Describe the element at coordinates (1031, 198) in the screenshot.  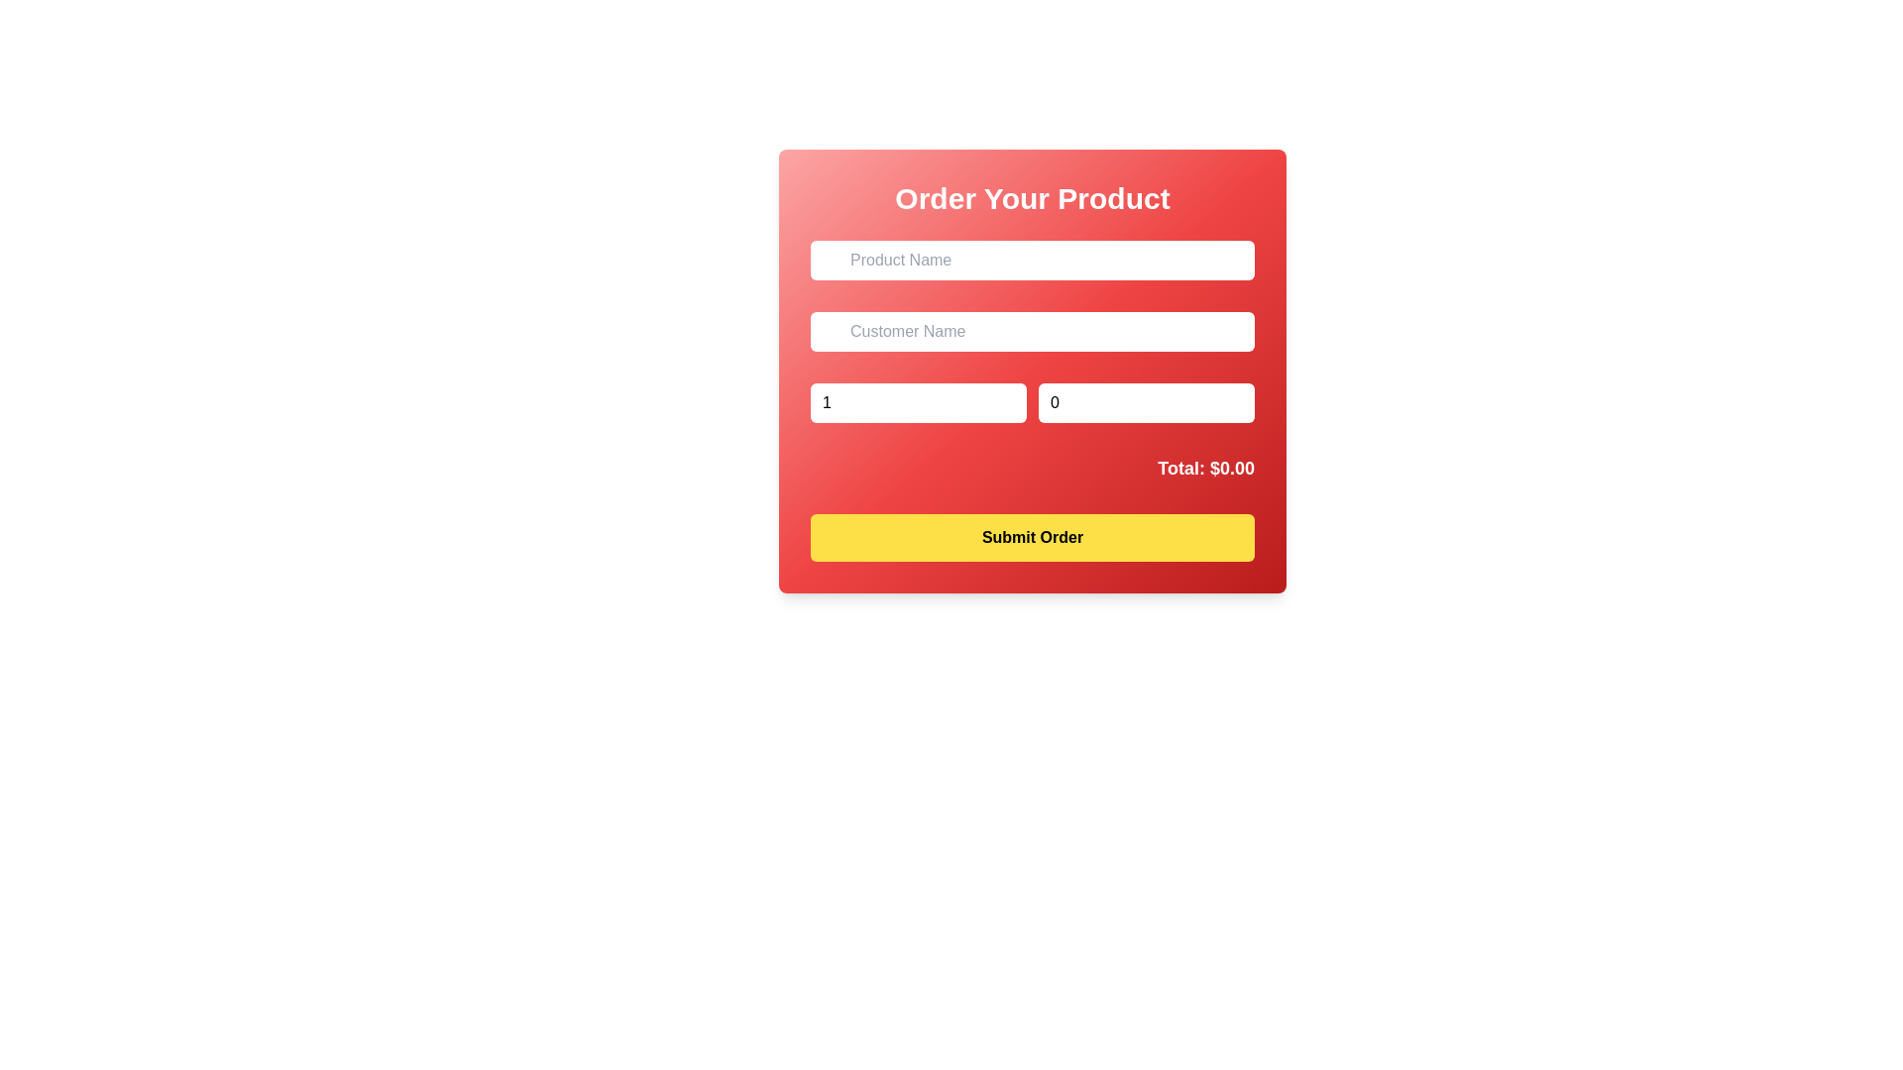
I see `the prominently styled text label displaying 'Order Your Product' which is centered within a red gradient background` at that location.